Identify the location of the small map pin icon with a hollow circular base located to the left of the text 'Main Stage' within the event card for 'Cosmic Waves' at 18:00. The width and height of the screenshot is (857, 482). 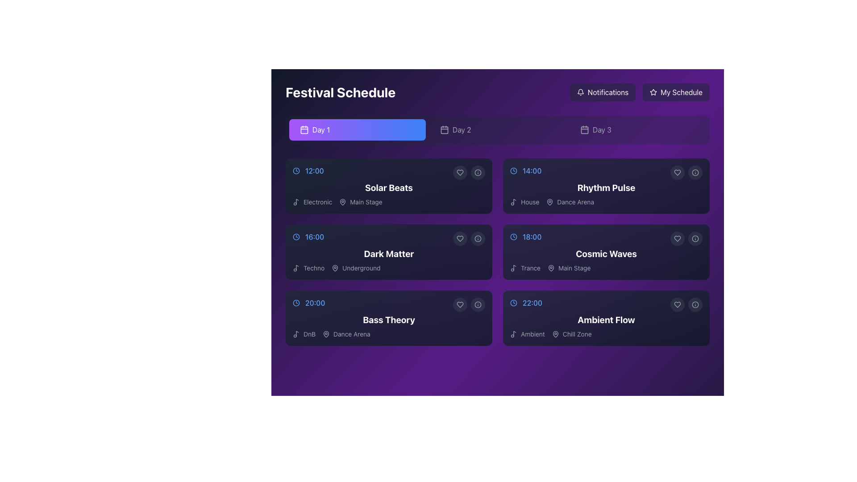
(550, 268).